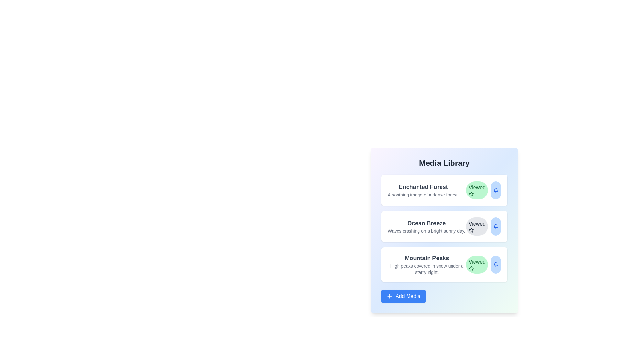 This screenshot has width=621, height=349. Describe the element at coordinates (495, 226) in the screenshot. I see `bell icon for the media item with title Ocean Breeze` at that location.